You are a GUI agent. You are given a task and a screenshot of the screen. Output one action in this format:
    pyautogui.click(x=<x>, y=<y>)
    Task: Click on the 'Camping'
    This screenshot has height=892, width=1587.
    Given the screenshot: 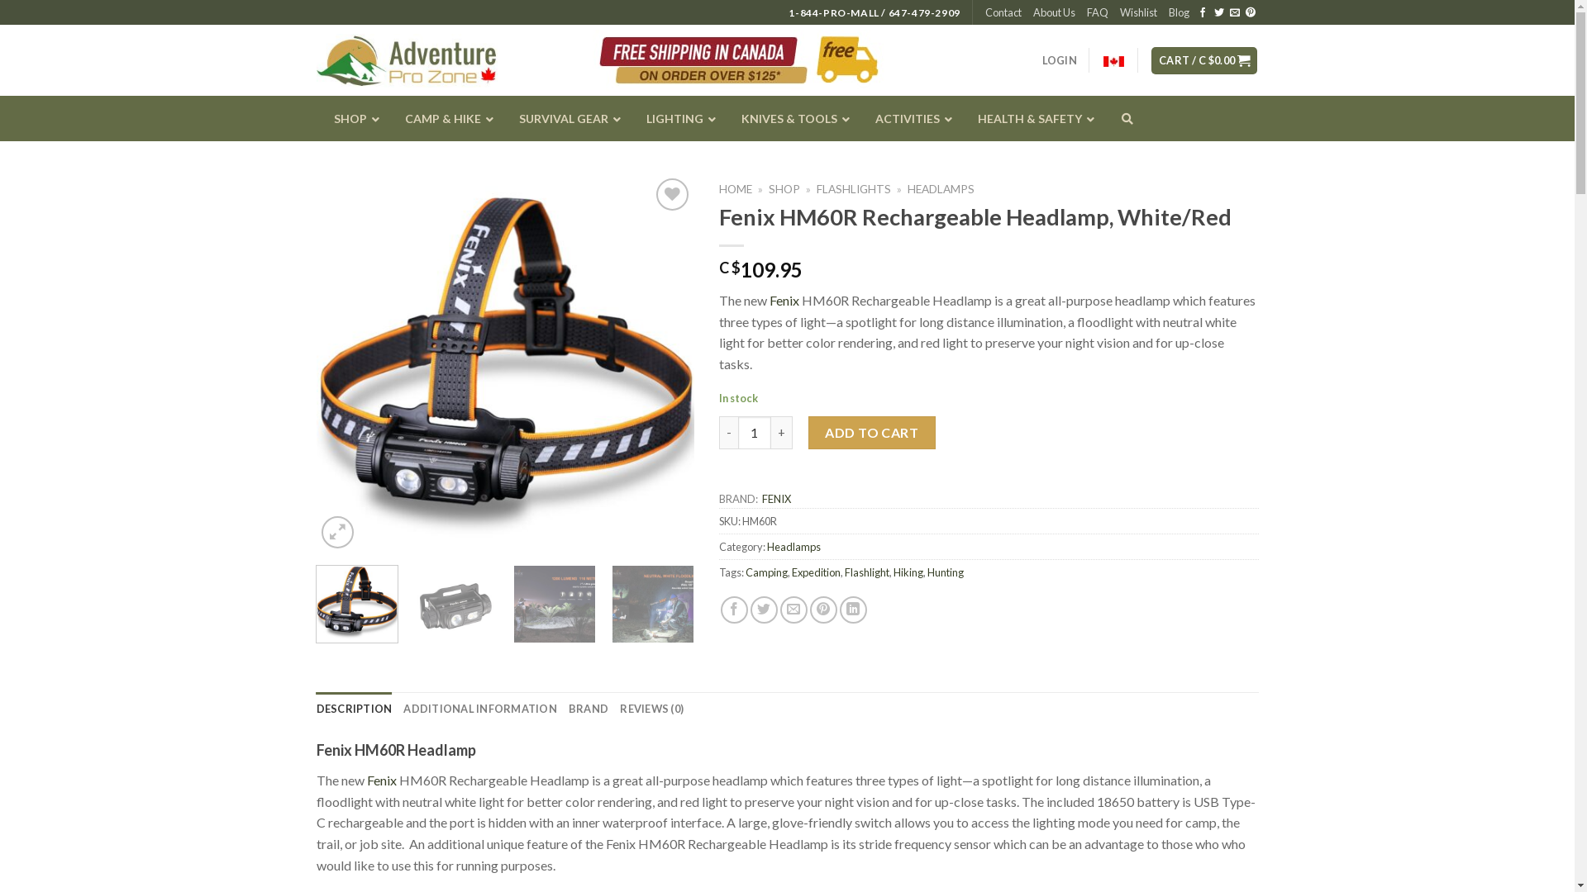 What is the action you would take?
    pyautogui.click(x=745, y=572)
    